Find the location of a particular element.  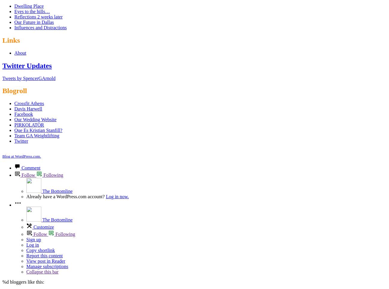

'Team GA Weightlifting' is located at coordinates (36, 135).